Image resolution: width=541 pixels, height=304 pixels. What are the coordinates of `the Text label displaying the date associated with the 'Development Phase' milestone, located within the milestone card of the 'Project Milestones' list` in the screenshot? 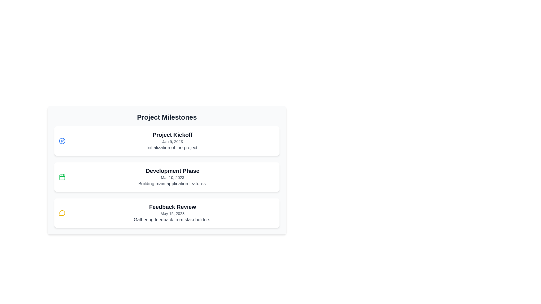 It's located at (172, 178).